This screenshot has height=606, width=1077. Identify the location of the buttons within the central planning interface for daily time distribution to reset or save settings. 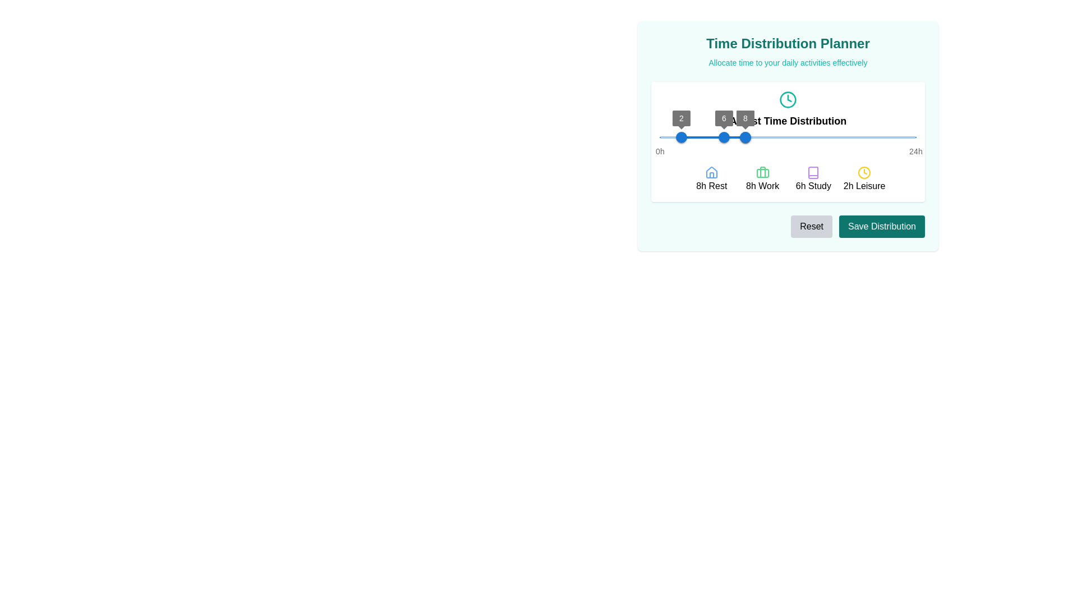
(788, 136).